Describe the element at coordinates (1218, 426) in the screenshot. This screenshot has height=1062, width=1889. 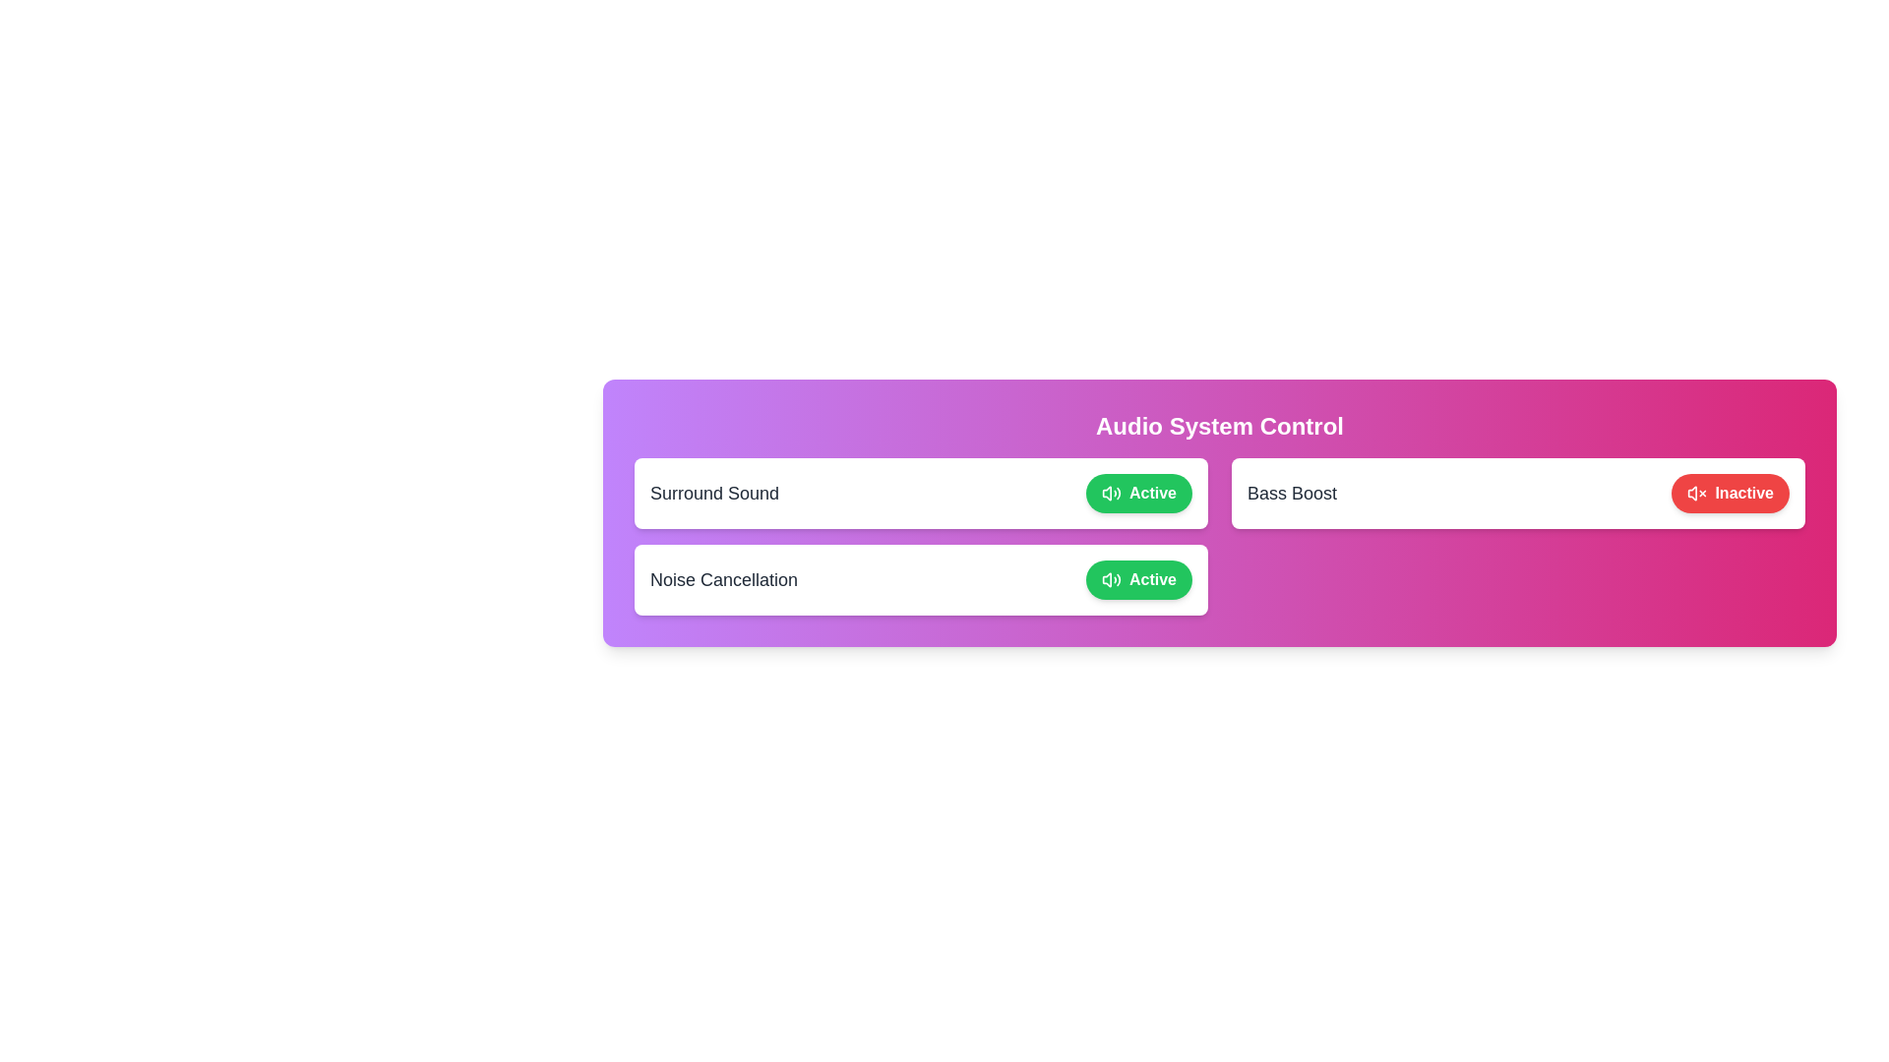
I see `the title of the panel labeled 'Audio System Control'` at that location.